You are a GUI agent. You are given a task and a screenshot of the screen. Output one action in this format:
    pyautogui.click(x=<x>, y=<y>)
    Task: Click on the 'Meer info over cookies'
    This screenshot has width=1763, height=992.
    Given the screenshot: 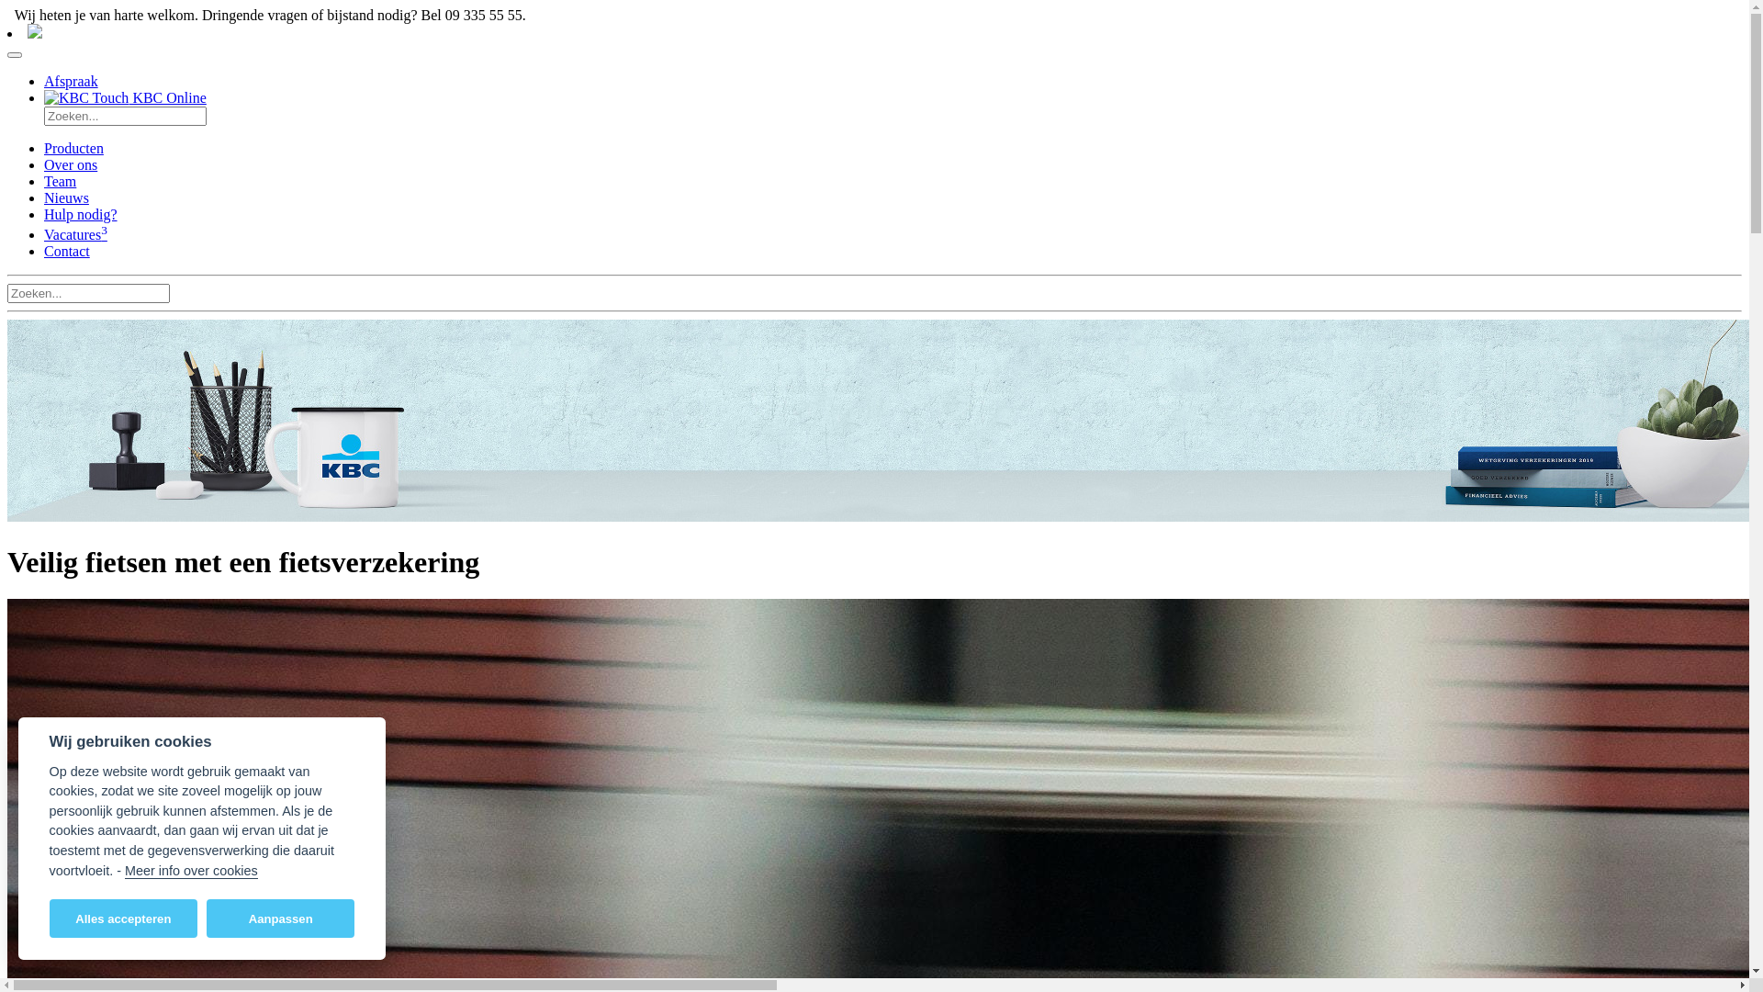 What is the action you would take?
    pyautogui.click(x=191, y=869)
    